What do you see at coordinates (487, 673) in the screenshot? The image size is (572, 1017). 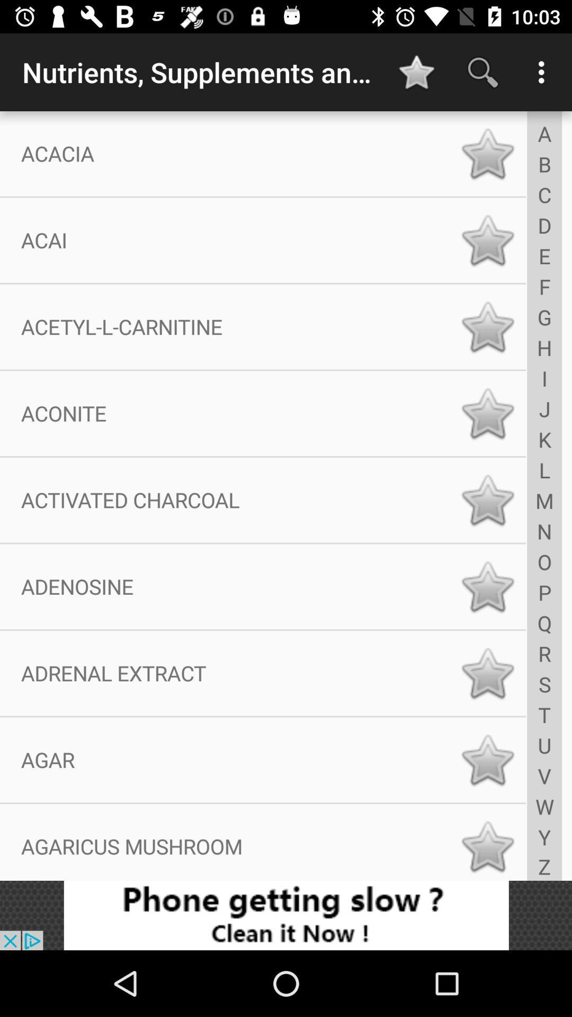 I see `adrenal extract` at bounding box center [487, 673].